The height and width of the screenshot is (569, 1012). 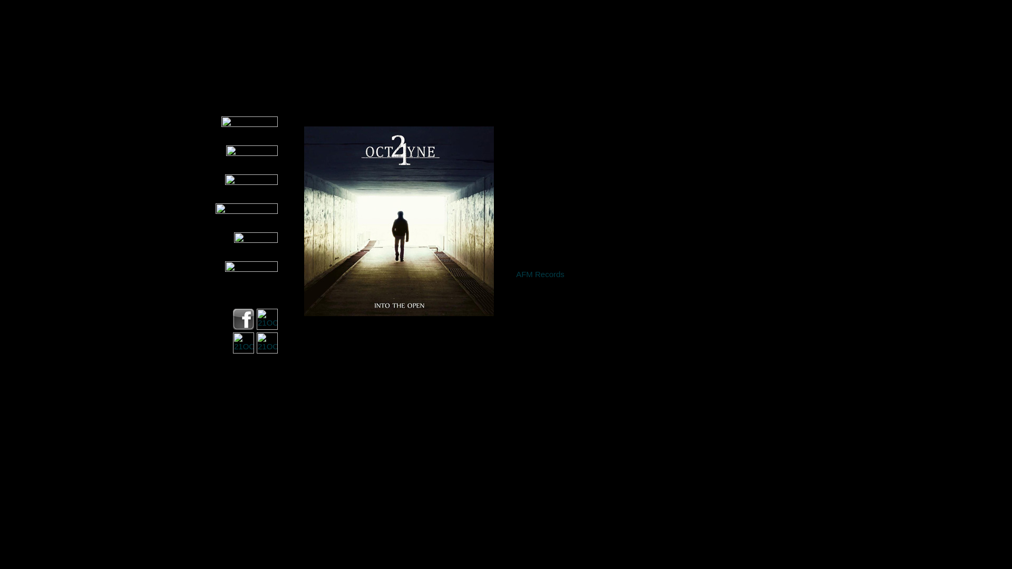 I want to click on 'AFM Records', so click(x=516, y=273).